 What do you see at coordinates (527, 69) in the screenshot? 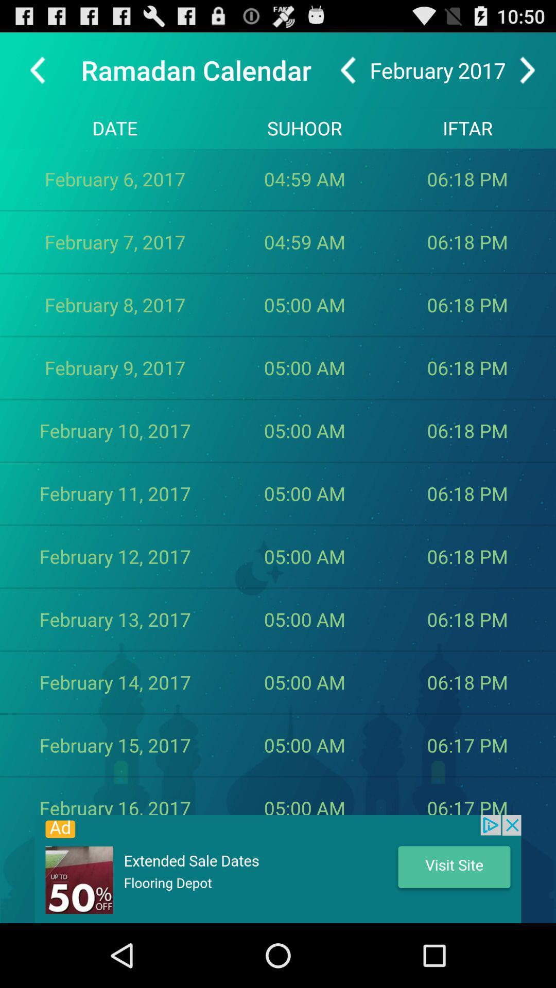
I see `next` at bounding box center [527, 69].